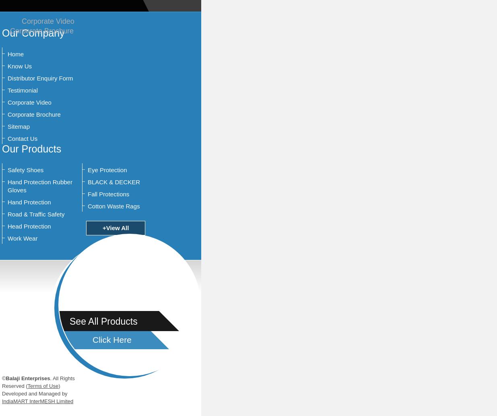 The image size is (497, 416). I want to click on 'Distributor Enquiry Form', so click(40, 78).